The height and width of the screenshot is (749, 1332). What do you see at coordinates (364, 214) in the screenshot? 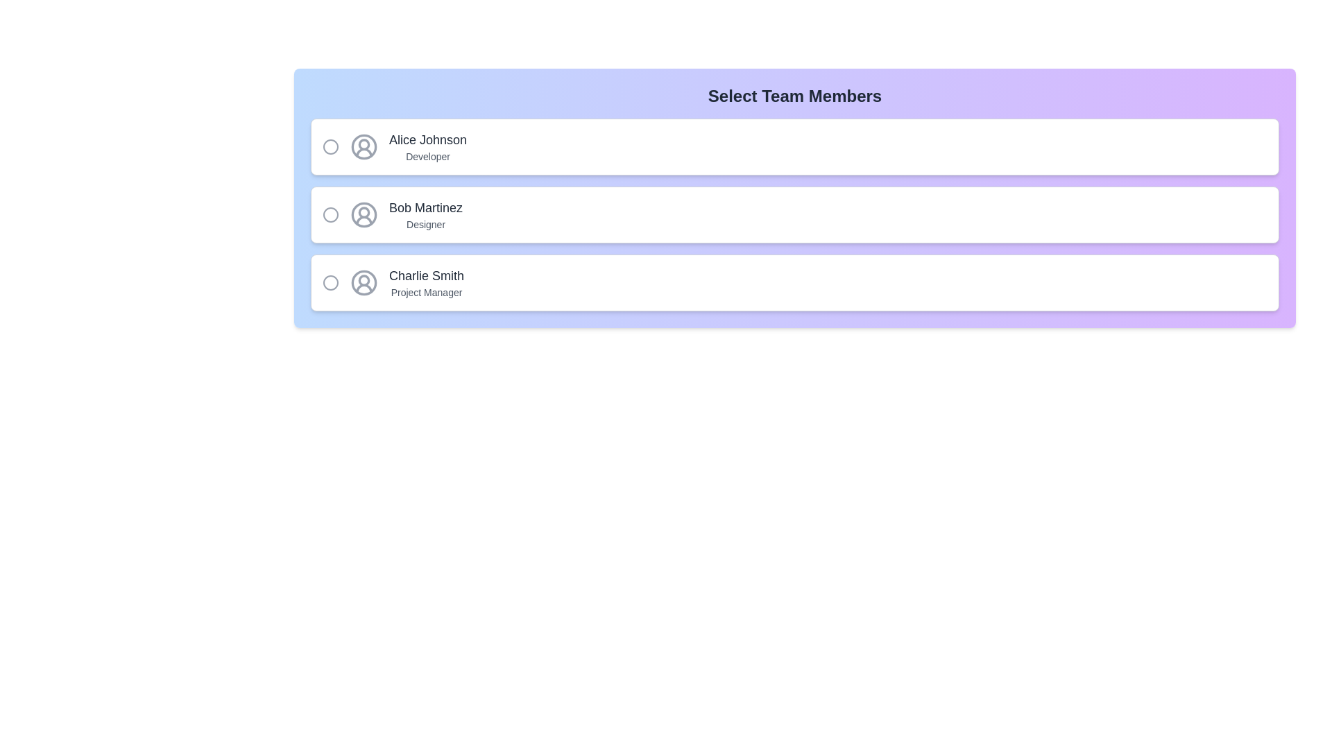
I see `the user profile icon associated with 'Bob Martinez', located in the second card of the 'Select Team Members' section` at bounding box center [364, 214].